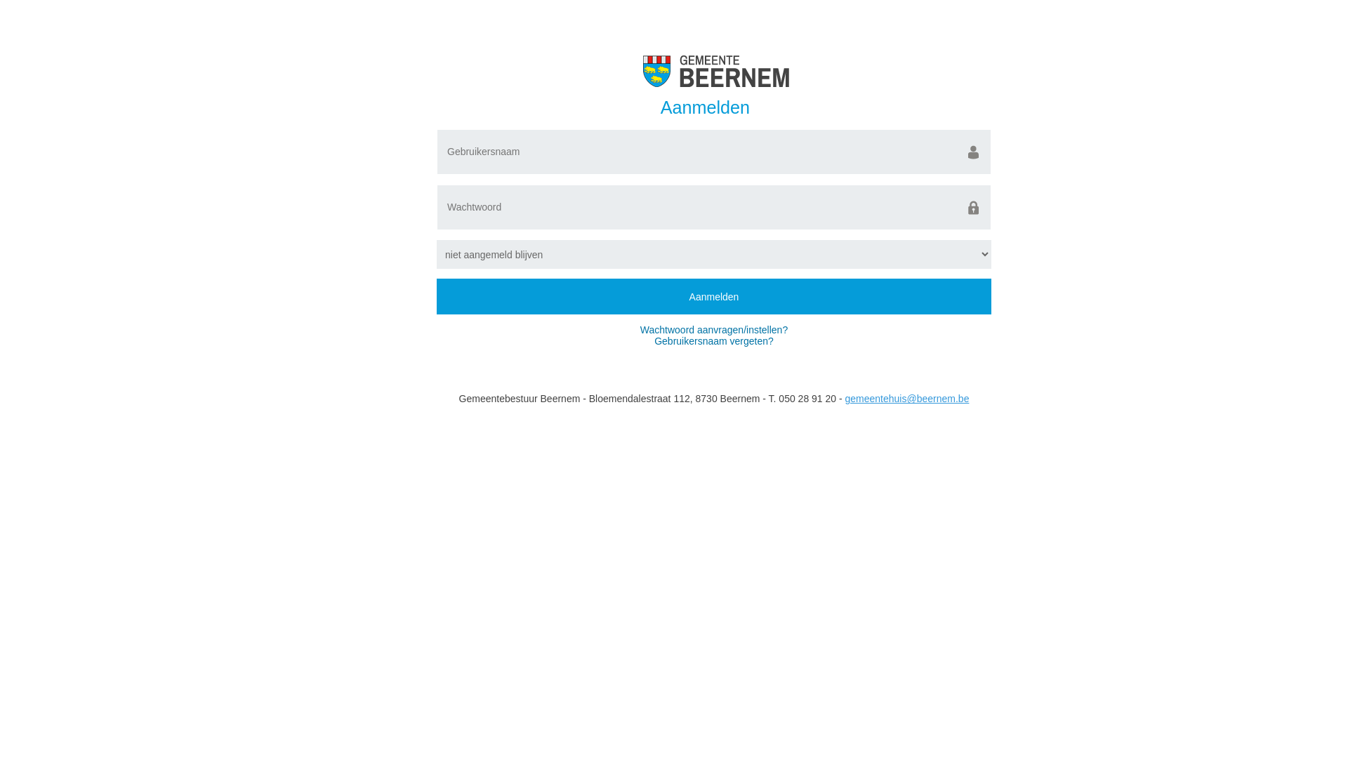 The width and height of the screenshot is (1348, 758). What do you see at coordinates (907, 398) in the screenshot?
I see `'gemeentehuis@beernem.be'` at bounding box center [907, 398].